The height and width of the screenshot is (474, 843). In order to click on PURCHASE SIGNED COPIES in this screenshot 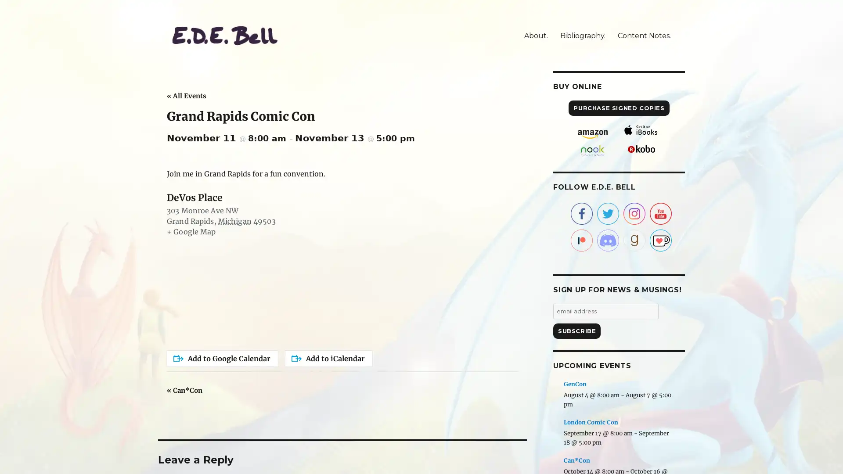, I will do `click(618, 108)`.